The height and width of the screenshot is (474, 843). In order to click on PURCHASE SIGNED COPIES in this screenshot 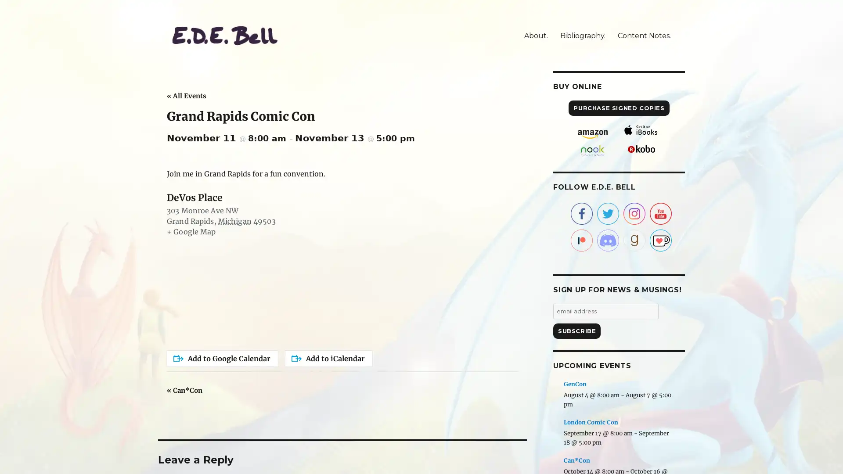, I will do `click(618, 108)`.